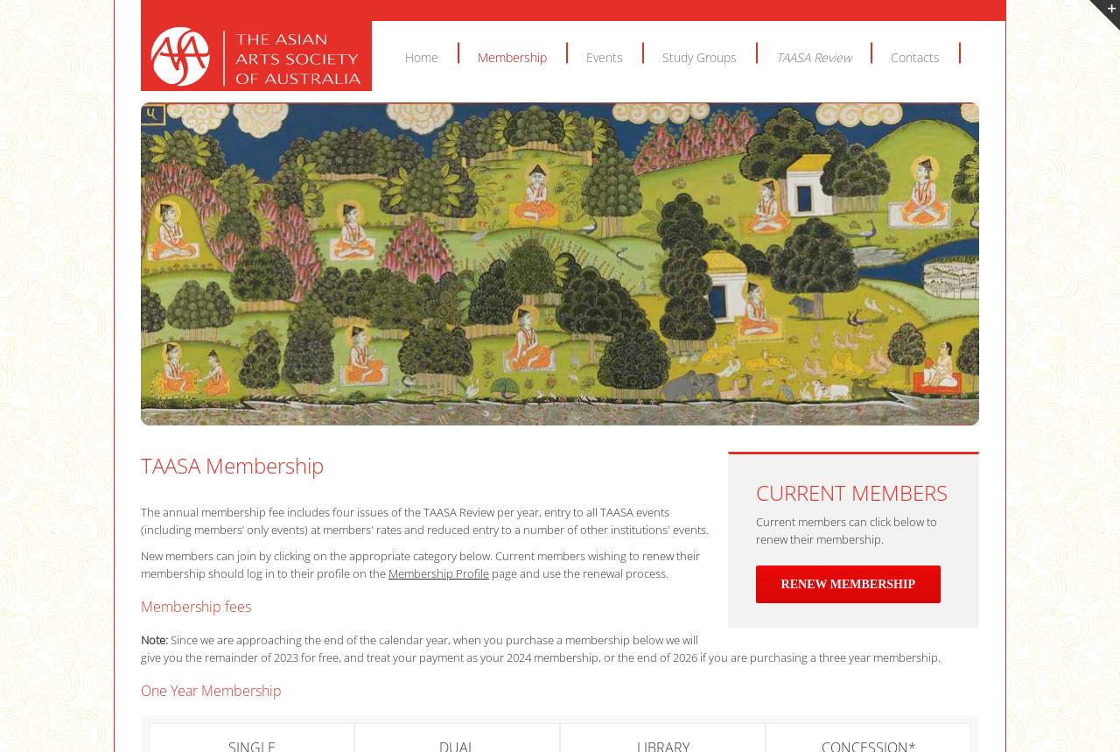  What do you see at coordinates (850, 491) in the screenshot?
I see `'CURRENT MEMBERS'` at bounding box center [850, 491].